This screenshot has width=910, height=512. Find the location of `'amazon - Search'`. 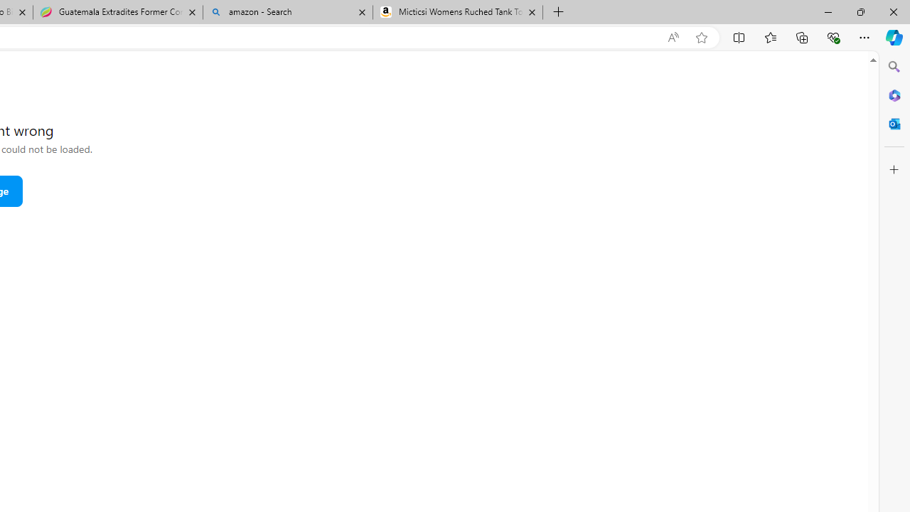

'amazon - Search' is located at coordinates (287, 12).